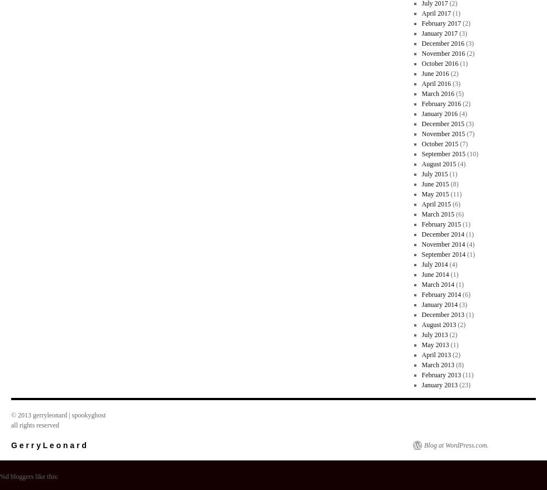 The width and height of the screenshot is (547, 490). Describe the element at coordinates (435, 73) in the screenshot. I see `'June 2016'` at that location.